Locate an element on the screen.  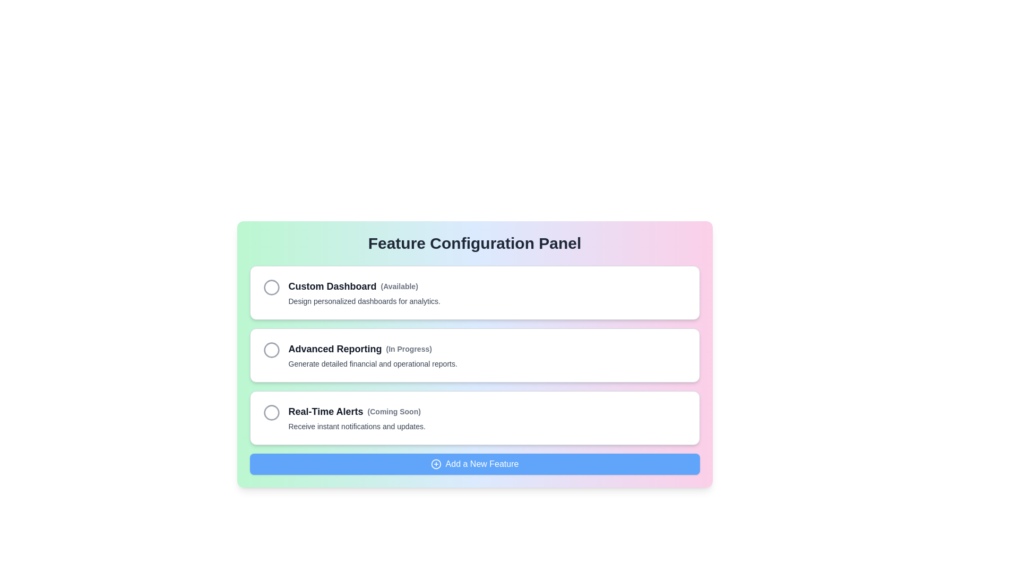
the inner circle of the circular icon representing 'Real-Time Alerts', the third feature in the vertical list is located at coordinates (271, 412).